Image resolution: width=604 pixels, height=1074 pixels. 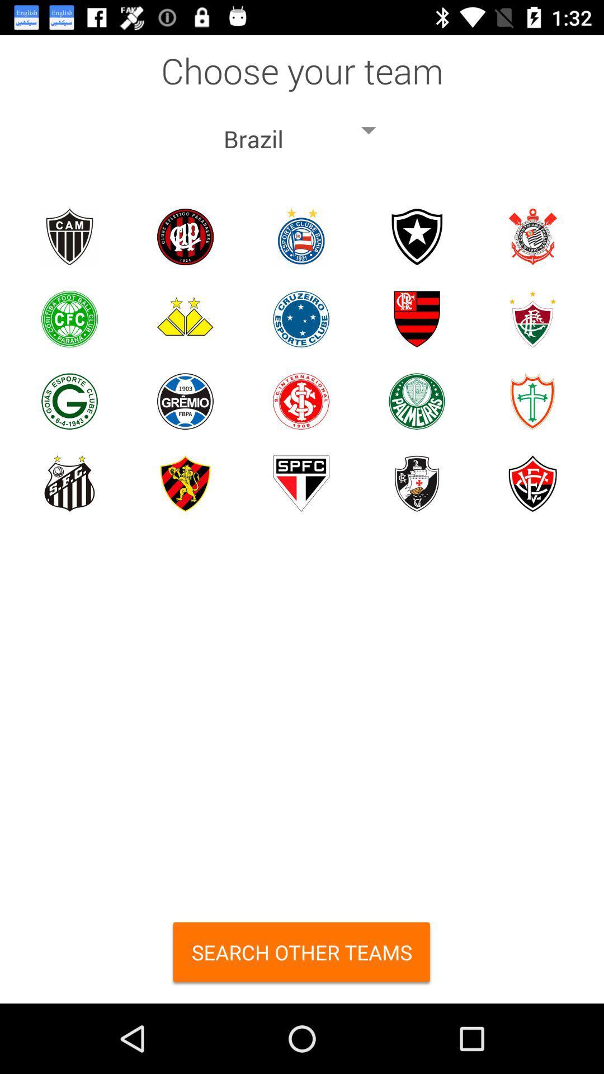 What do you see at coordinates (417, 401) in the screenshot?
I see `team logo selection option` at bounding box center [417, 401].